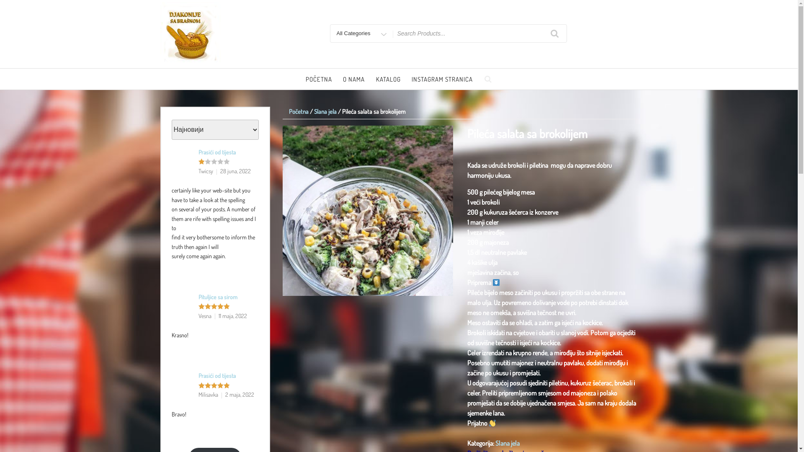 This screenshot has width=804, height=452. I want to click on 'O NAMA', so click(338, 80).